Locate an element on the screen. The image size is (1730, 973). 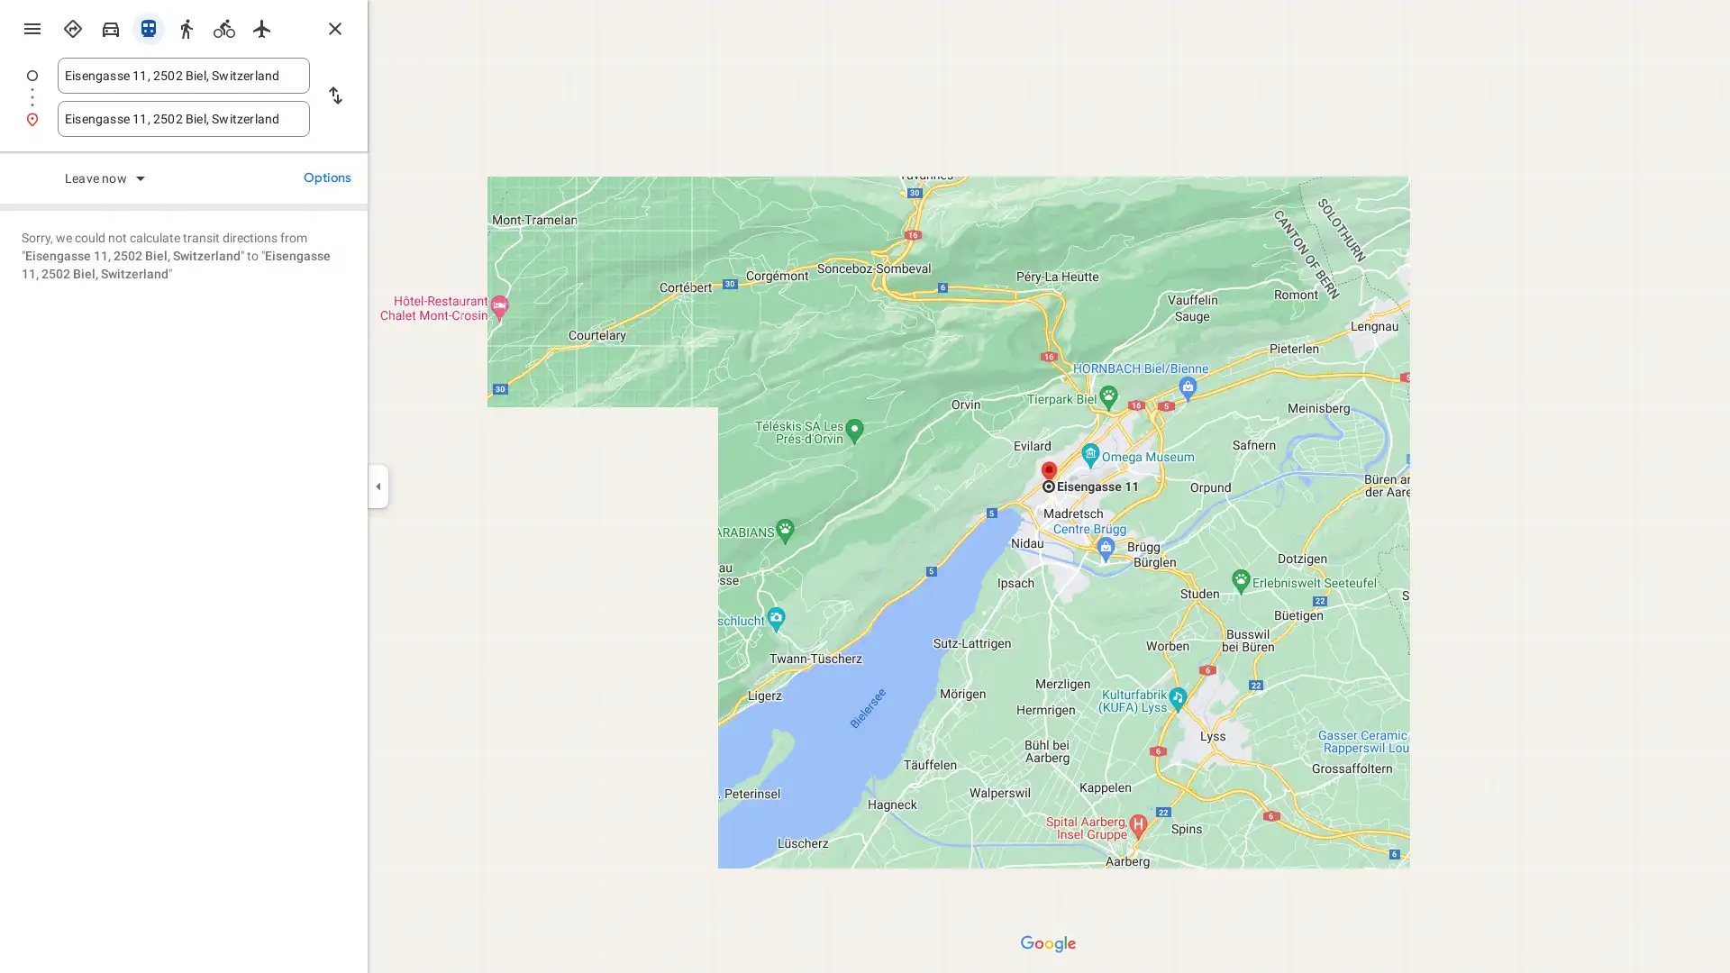
Reverse starting point and destination is located at coordinates (335, 95).